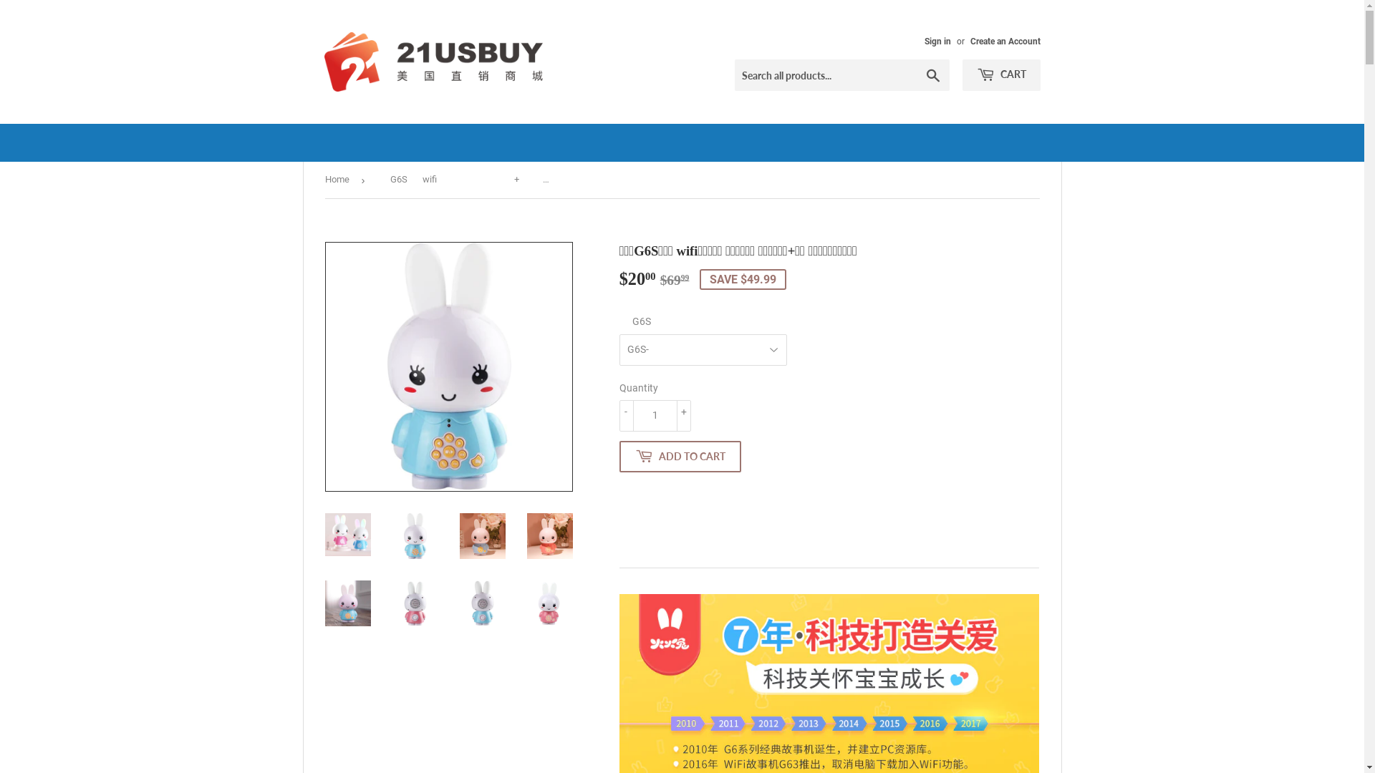 Image resolution: width=1375 pixels, height=773 pixels. I want to click on 'ADD TO CART', so click(680, 456).